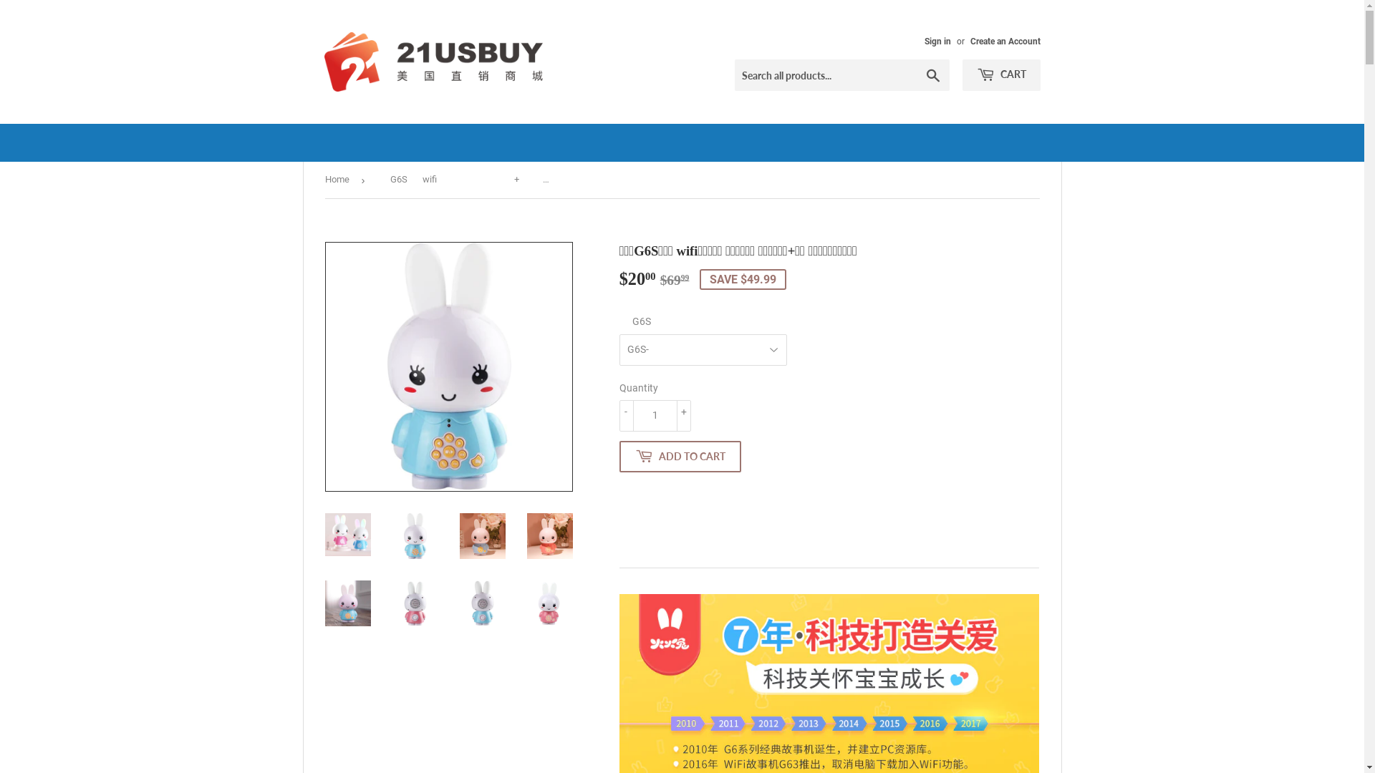 Image resolution: width=1375 pixels, height=773 pixels. I want to click on 'ADD TO CART', so click(680, 456).